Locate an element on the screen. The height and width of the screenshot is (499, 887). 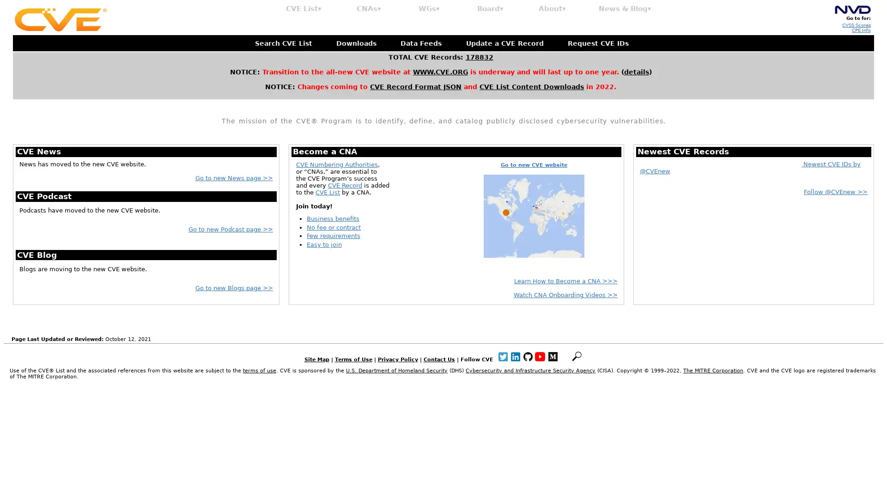
About is located at coordinates (552, 9).